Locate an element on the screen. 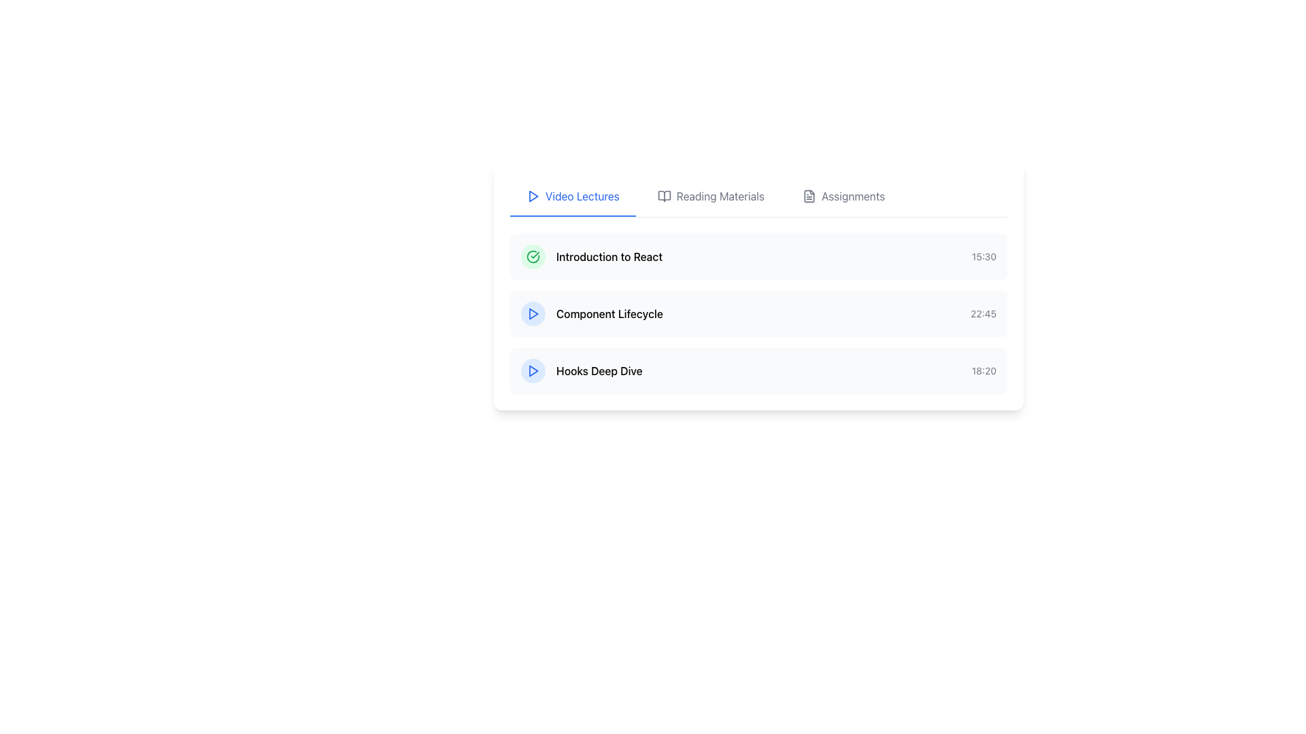 The width and height of the screenshot is (1306, 734). the navigational tab labeled for reading materials, which is the second item in the horizontal navigation bar is located at coordinates (720, 196).